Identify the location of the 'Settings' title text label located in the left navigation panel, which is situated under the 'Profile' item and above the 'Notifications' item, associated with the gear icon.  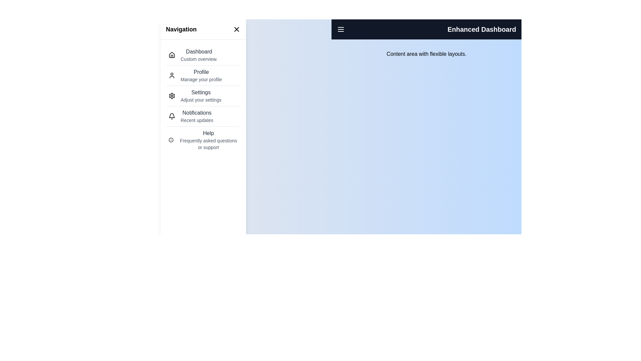
(201, 93).